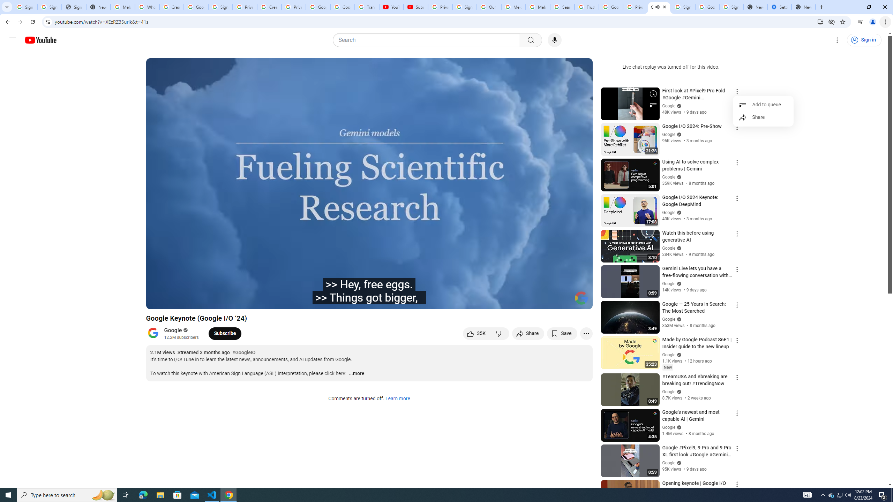  I want to click on 'Search our Doodle Library Collection - Google Doodles', so click(562, 7).